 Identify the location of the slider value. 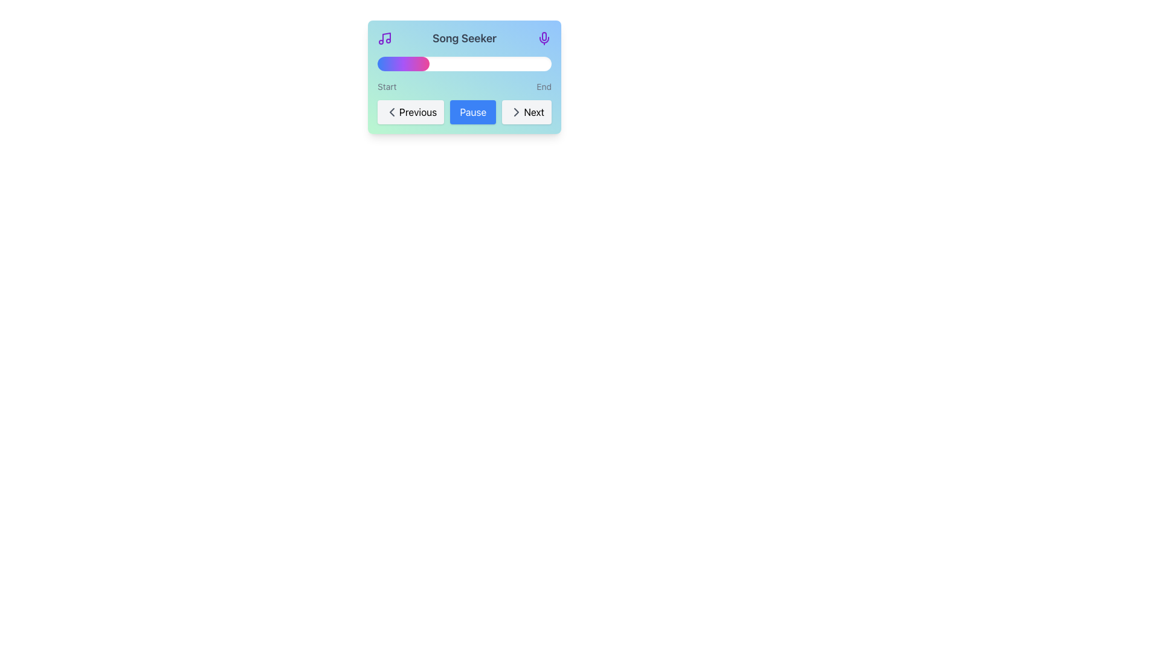
(544, 63).